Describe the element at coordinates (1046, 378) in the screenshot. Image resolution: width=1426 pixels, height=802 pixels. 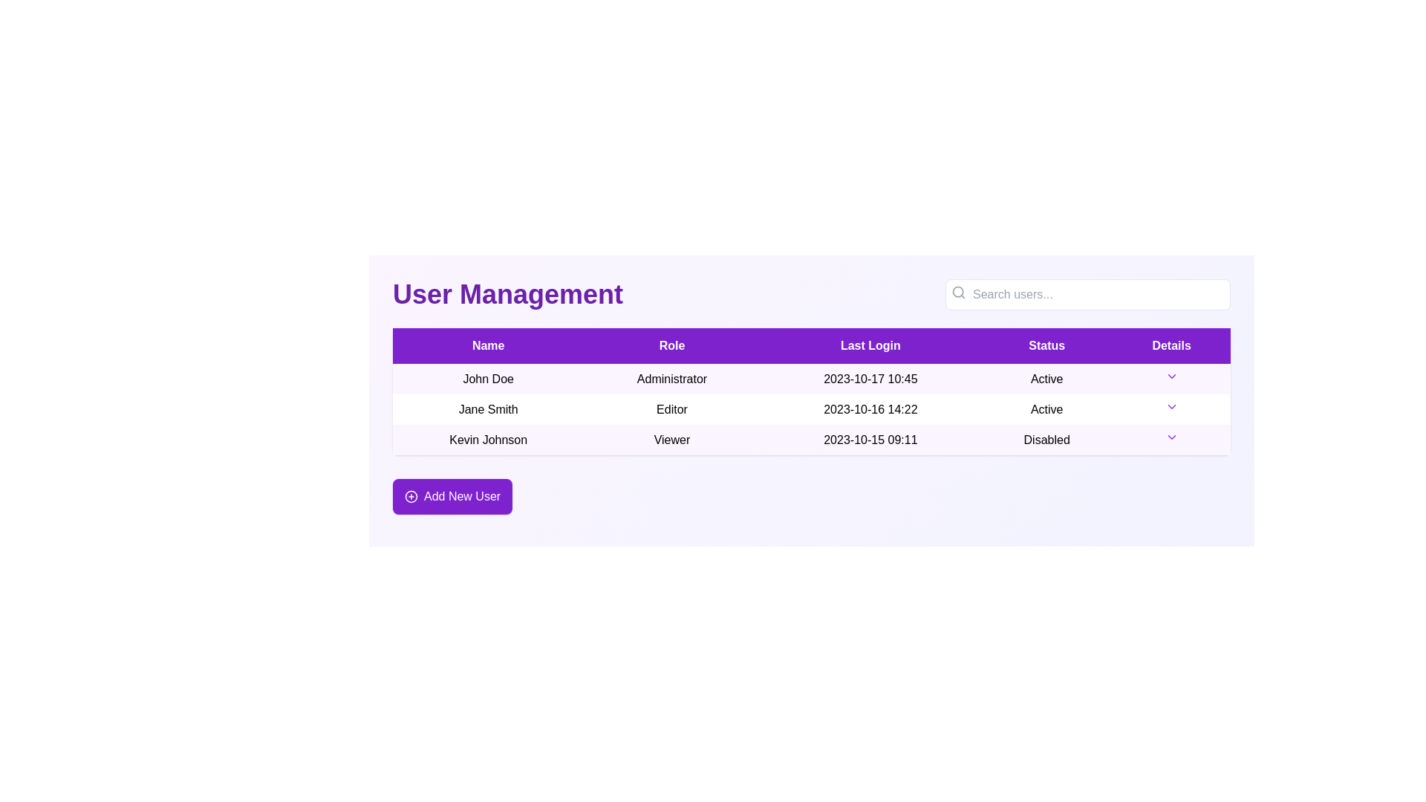
I see `the 'Active' status text label in the user management table for 'John Doe', which indicates the current status of the entity` at that location.